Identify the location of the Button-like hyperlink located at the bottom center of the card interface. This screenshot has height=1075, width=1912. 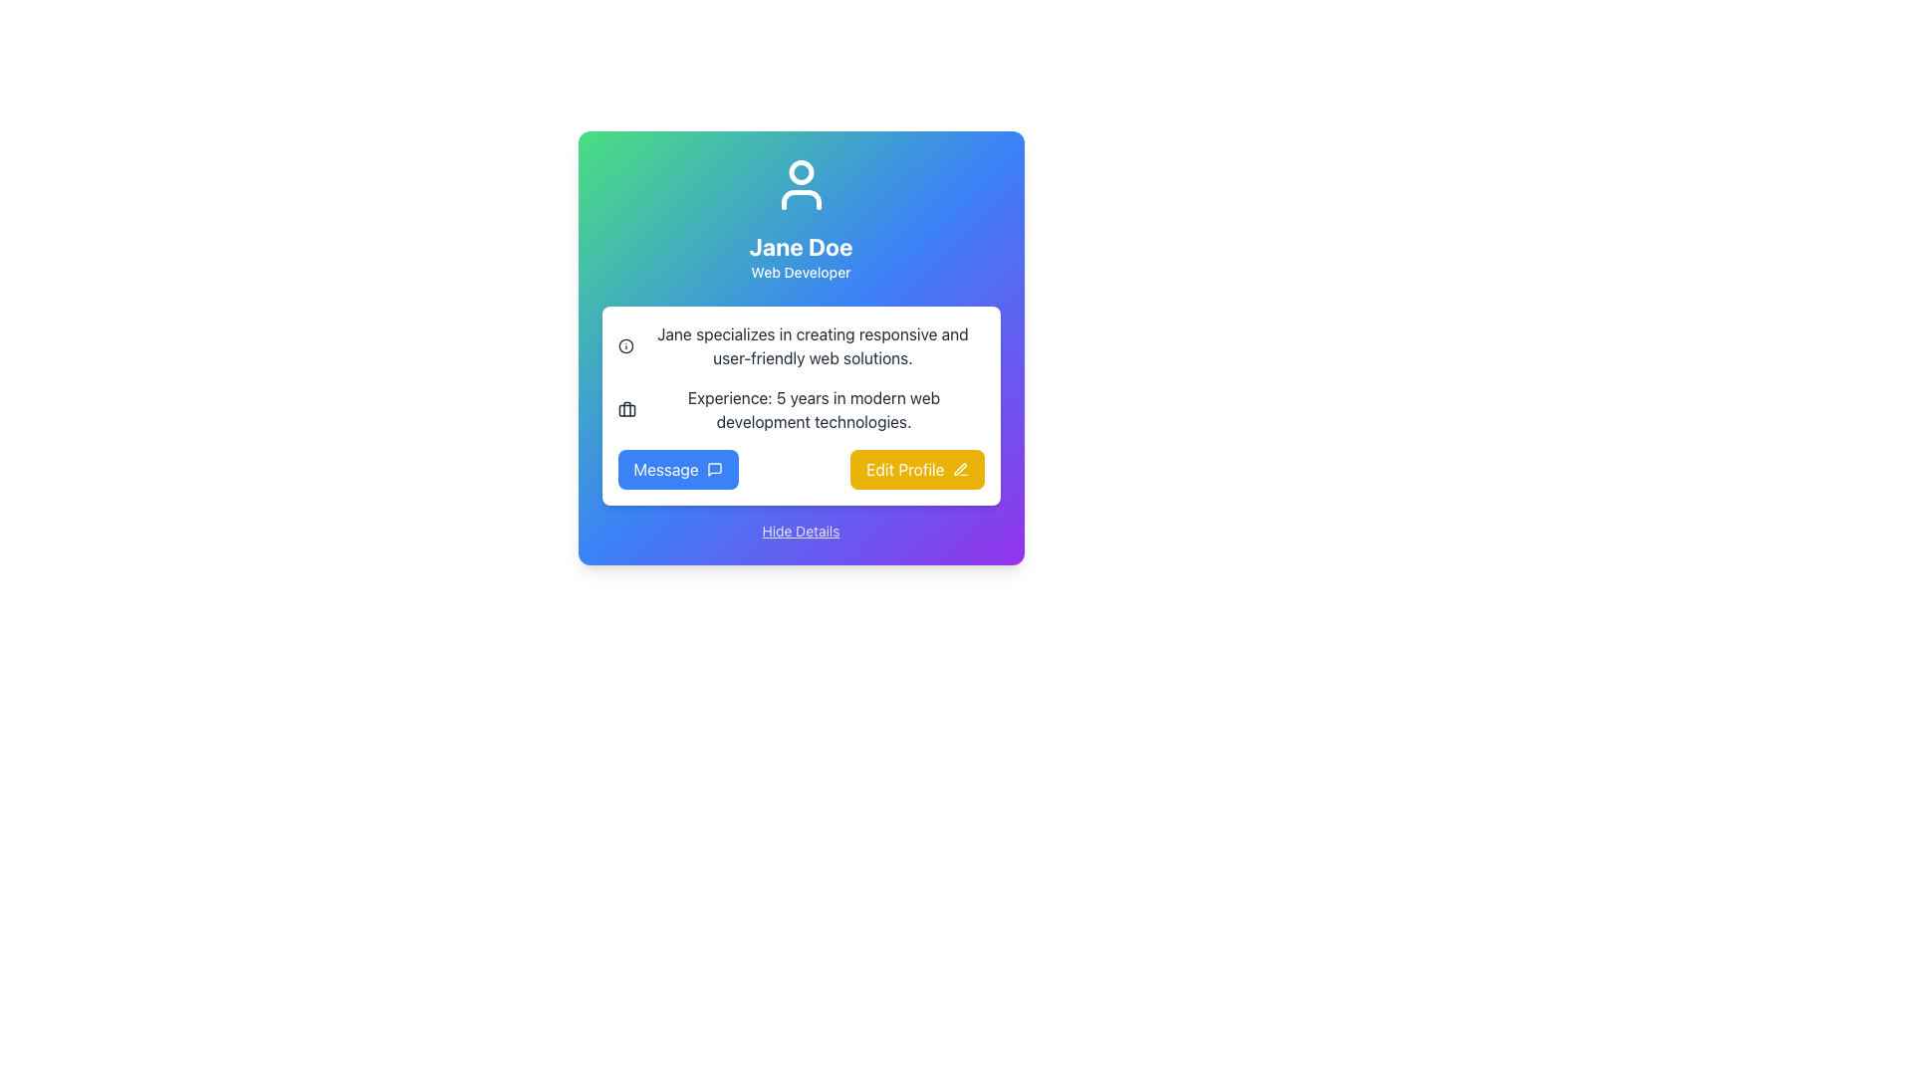
(801, 530).